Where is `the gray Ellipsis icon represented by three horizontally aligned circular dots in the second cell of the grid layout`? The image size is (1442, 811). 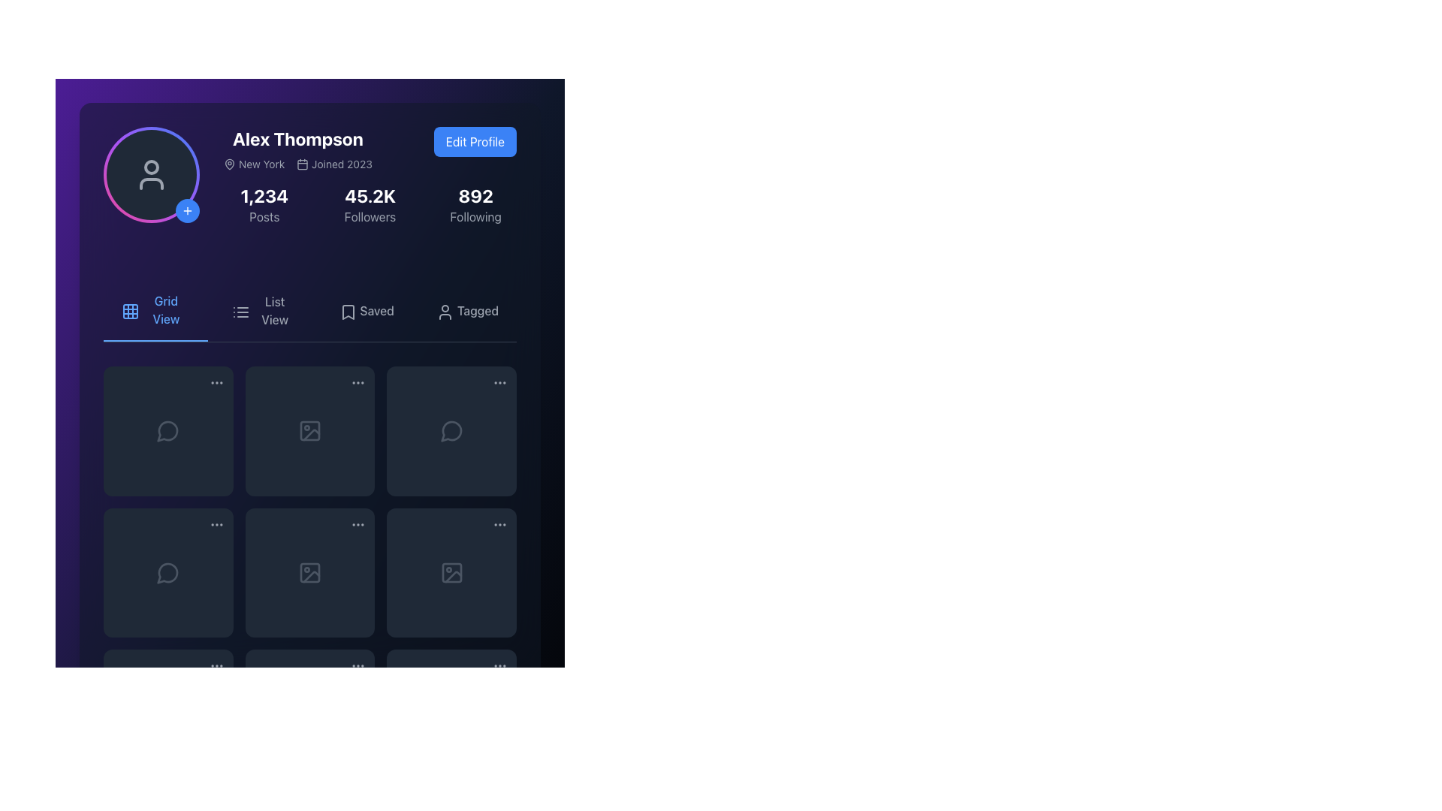 the gray Ellipsis icon represented by three horizontally aligned circular dots in the second cell of the grid layout is located at coordinates (216, 523).